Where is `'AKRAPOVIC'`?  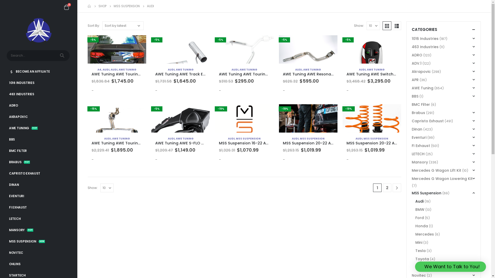 'AKRAPOVIC' is located at coordinates (38, 117).